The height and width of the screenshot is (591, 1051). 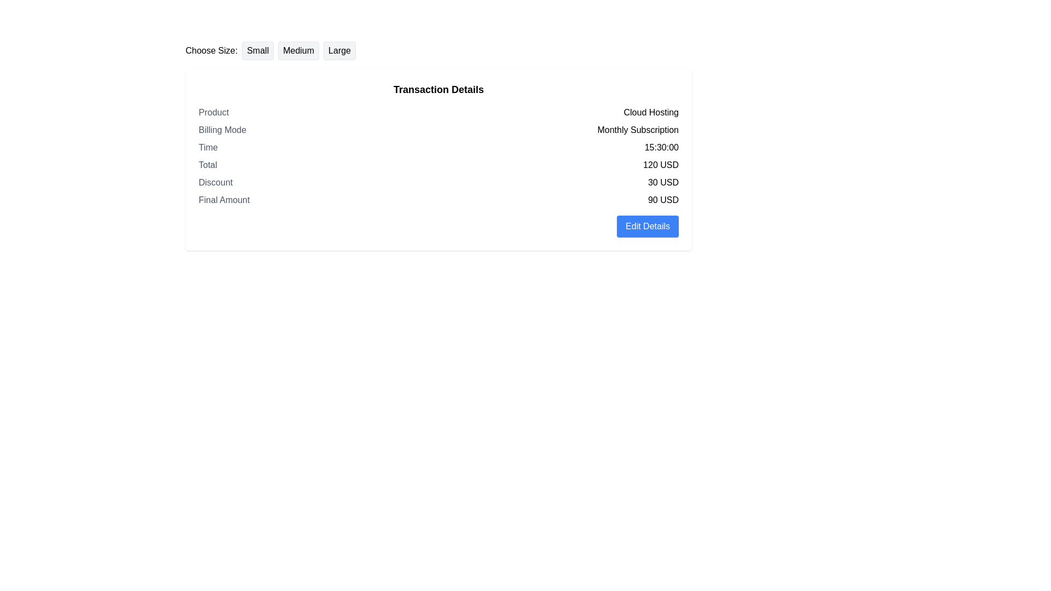 What do you see at coordinates (339, 50) in the screenshot?
I see `the 'Large' button, which is the third button in the size selection group` at bounding box center [339, 50].